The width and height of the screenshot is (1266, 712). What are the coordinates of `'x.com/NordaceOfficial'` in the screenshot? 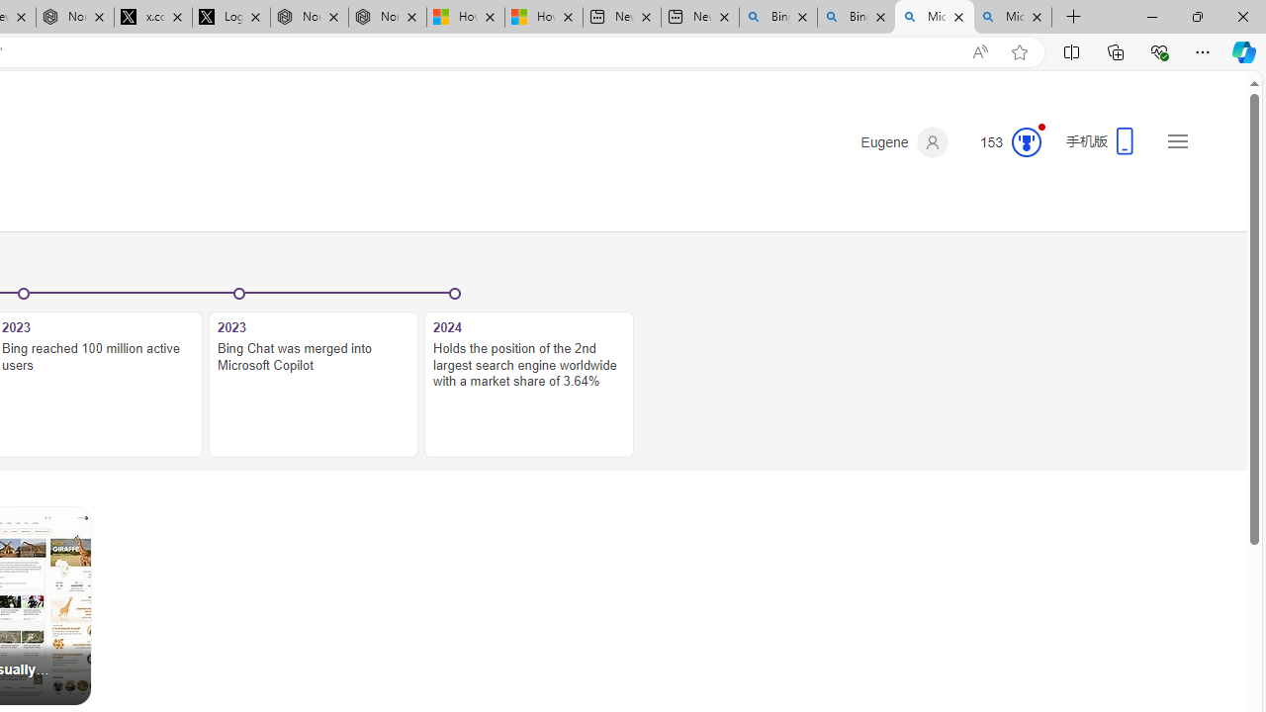 It's located at (152, 17).